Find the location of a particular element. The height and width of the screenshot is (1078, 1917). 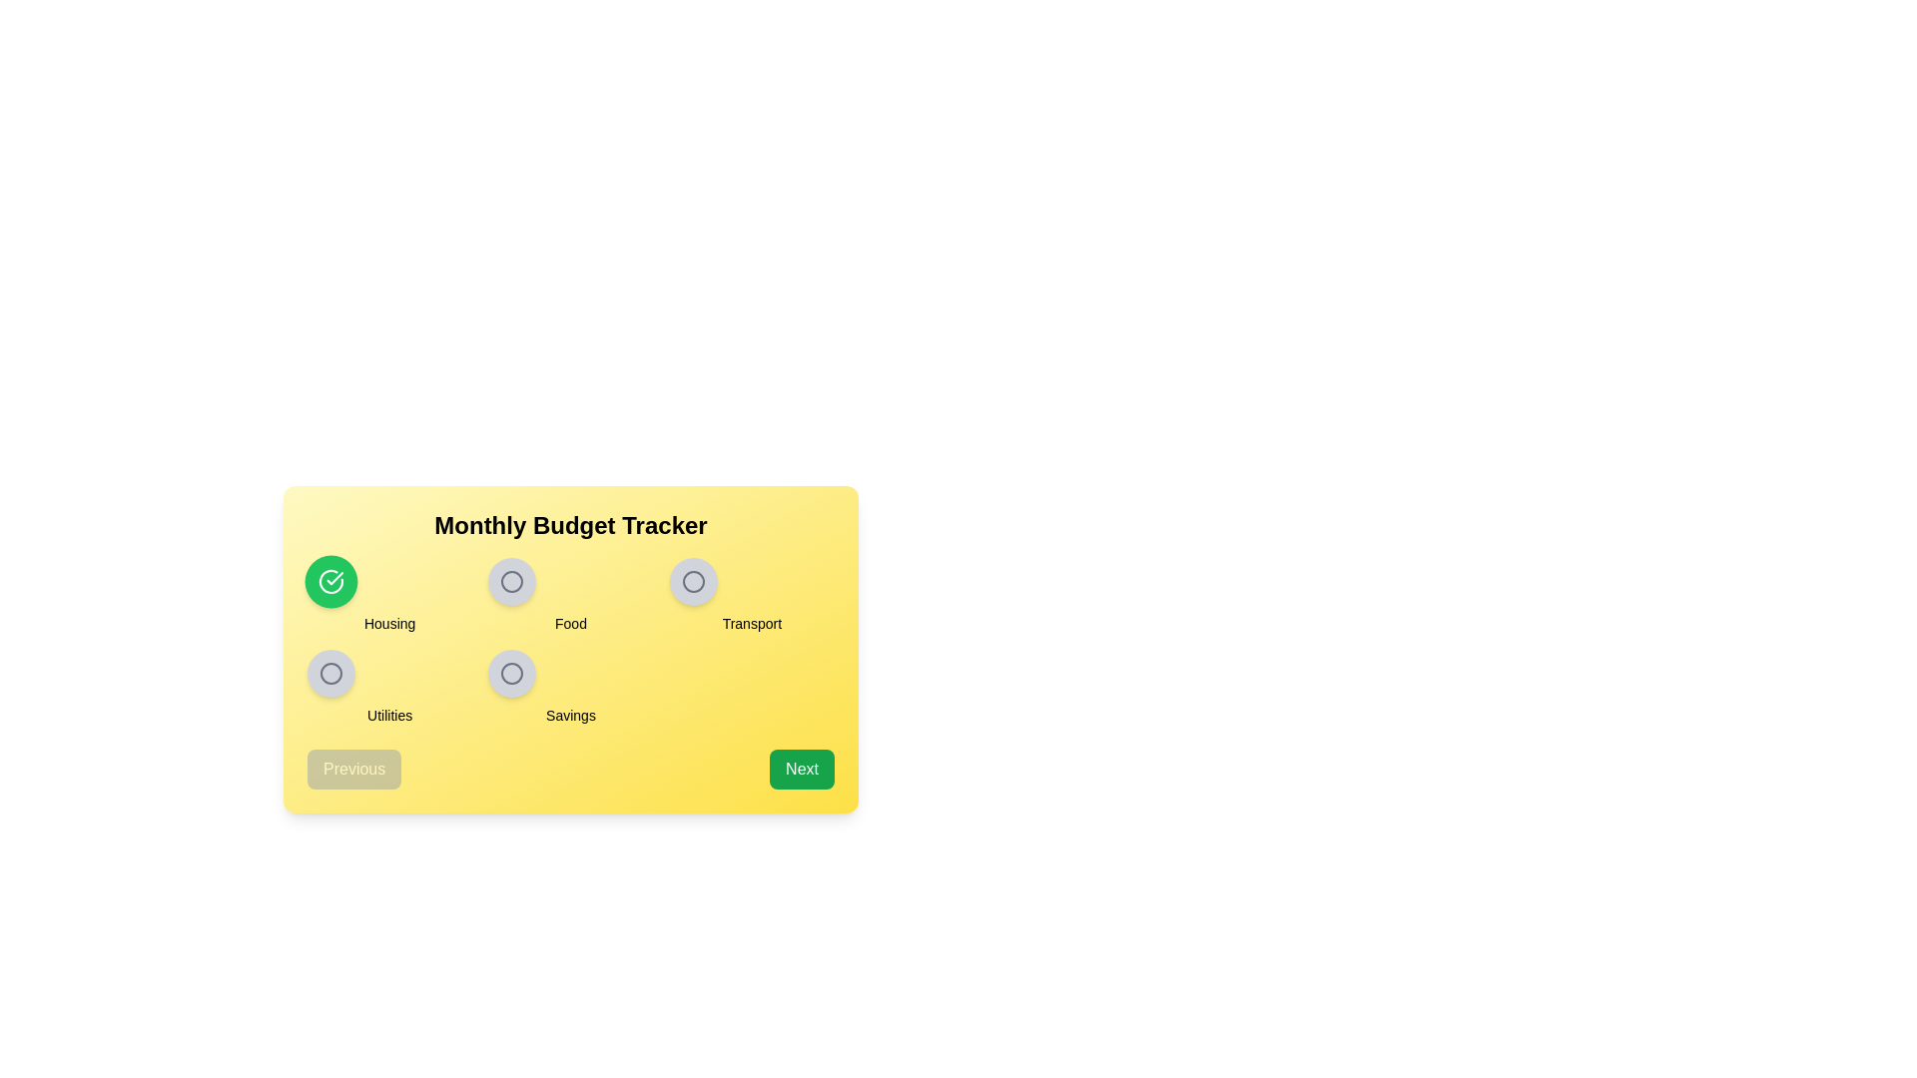

the circular selection indicator button for the 'Savings' category in the budget tracker is located at coordinates (512, 674).